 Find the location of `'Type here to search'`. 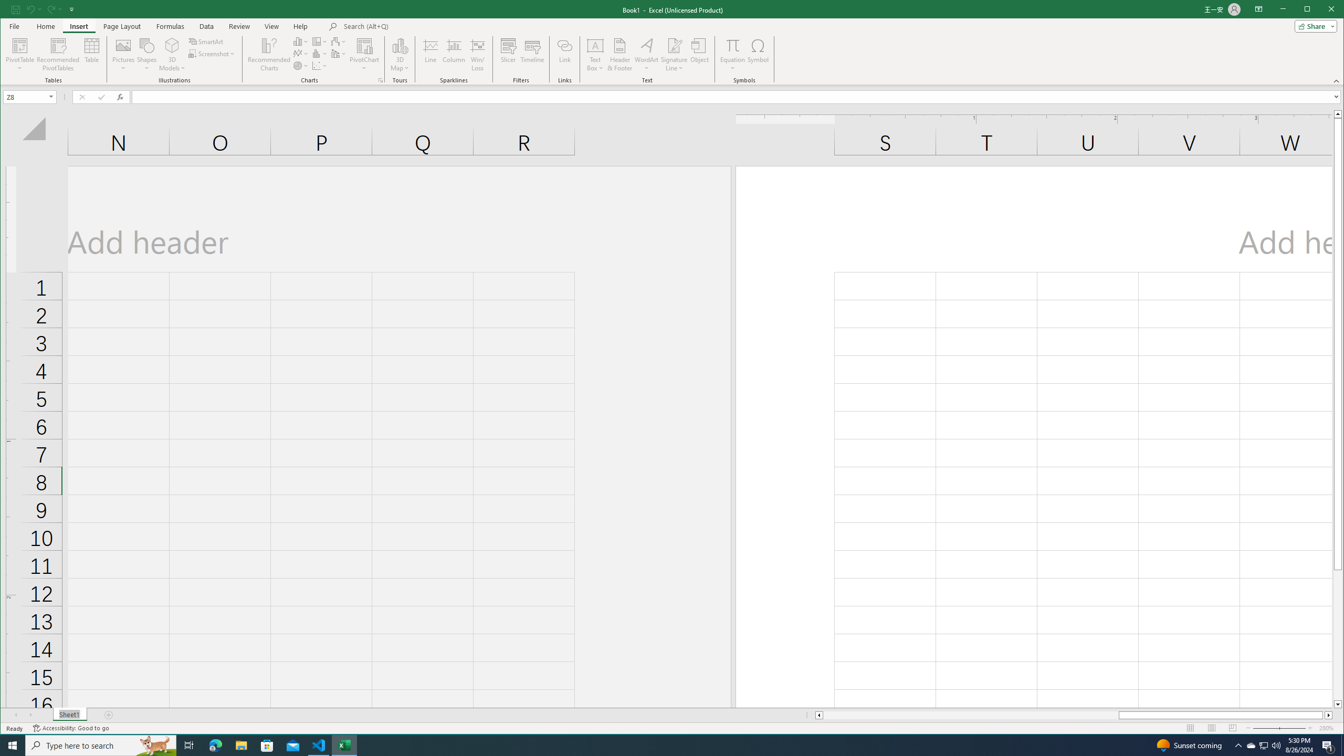

'Type here to search' is located at coordinates (100, 744).